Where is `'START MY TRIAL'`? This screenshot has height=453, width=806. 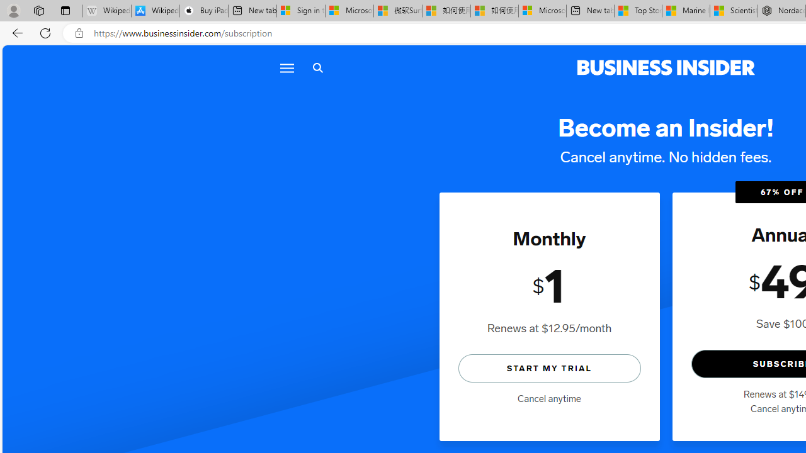
'START MY TRIAL' is located at coordinates (549, 368).